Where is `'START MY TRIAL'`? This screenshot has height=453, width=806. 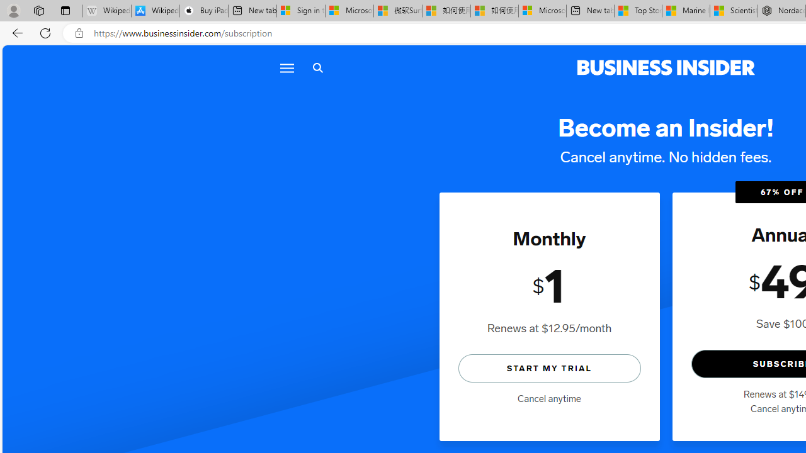
'START MY TRIAL' is located at coordinates (549, 368).